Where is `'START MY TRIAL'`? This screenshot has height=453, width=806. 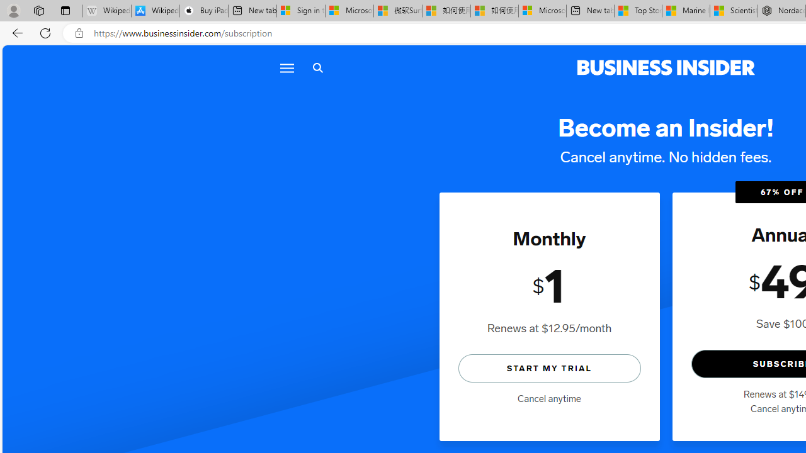
'START MY TRIAL' is located at coordinates (549, 368).